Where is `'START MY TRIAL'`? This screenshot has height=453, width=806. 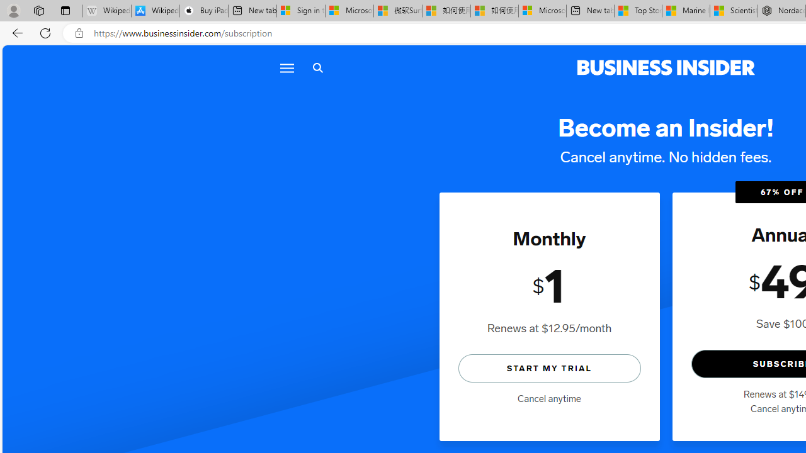
'START MY TRIAL' is located at coordinates (549, 368).